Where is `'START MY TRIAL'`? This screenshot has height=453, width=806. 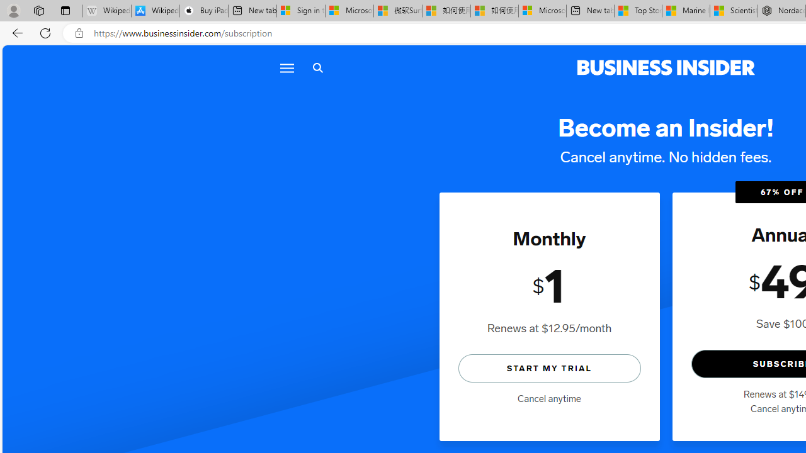
'START MY TRIAL' is located at coordinates (549, 368).